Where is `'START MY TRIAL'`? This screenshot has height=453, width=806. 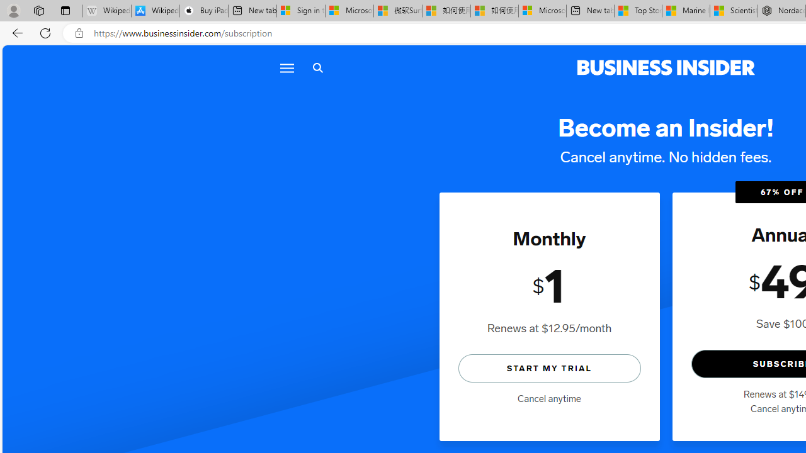
'START MY TRIAL' is located at coordinates (549, 368).